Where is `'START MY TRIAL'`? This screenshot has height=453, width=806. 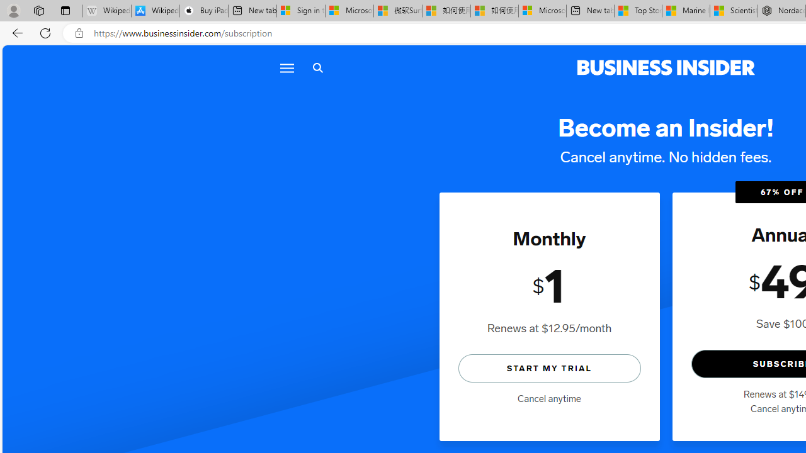
'START MY TRIAL' is located at coordinates (549, 368).